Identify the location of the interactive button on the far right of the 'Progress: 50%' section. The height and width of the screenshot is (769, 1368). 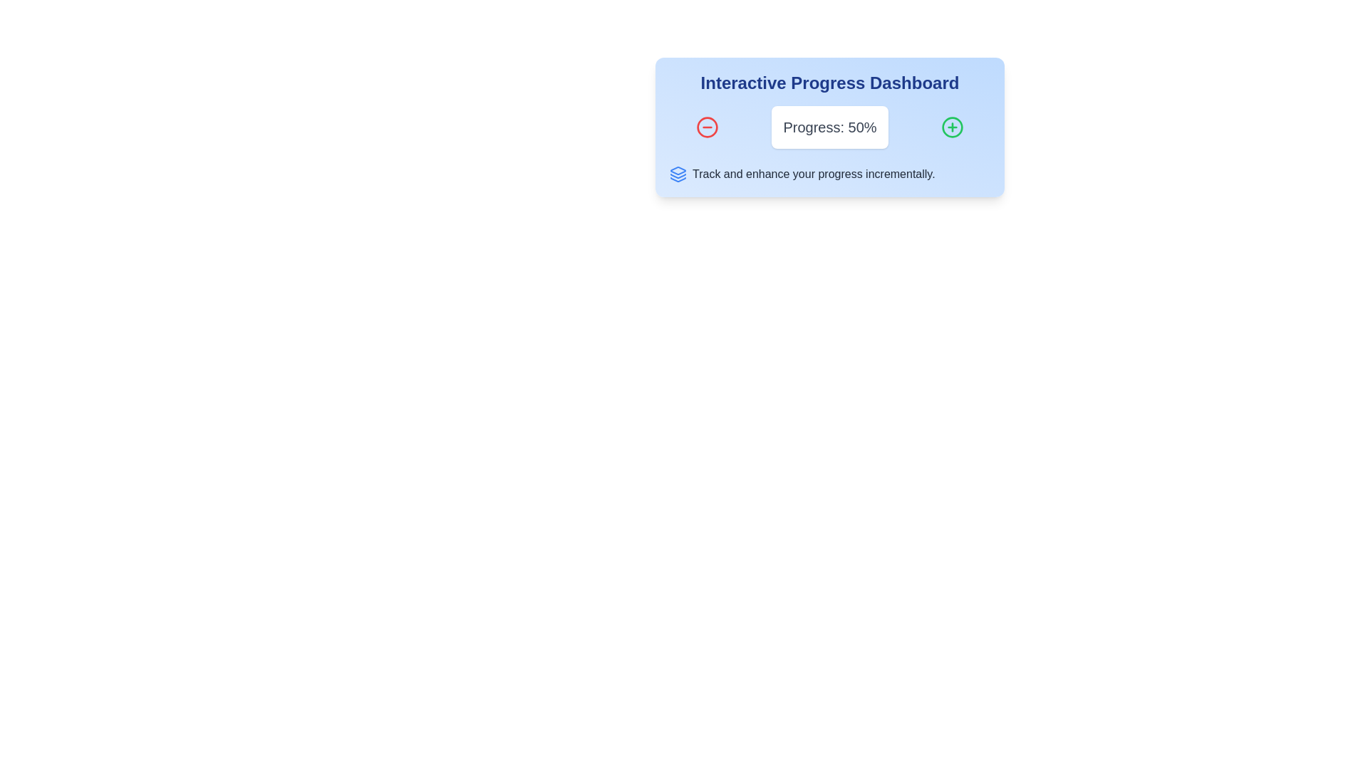
(952, 126).